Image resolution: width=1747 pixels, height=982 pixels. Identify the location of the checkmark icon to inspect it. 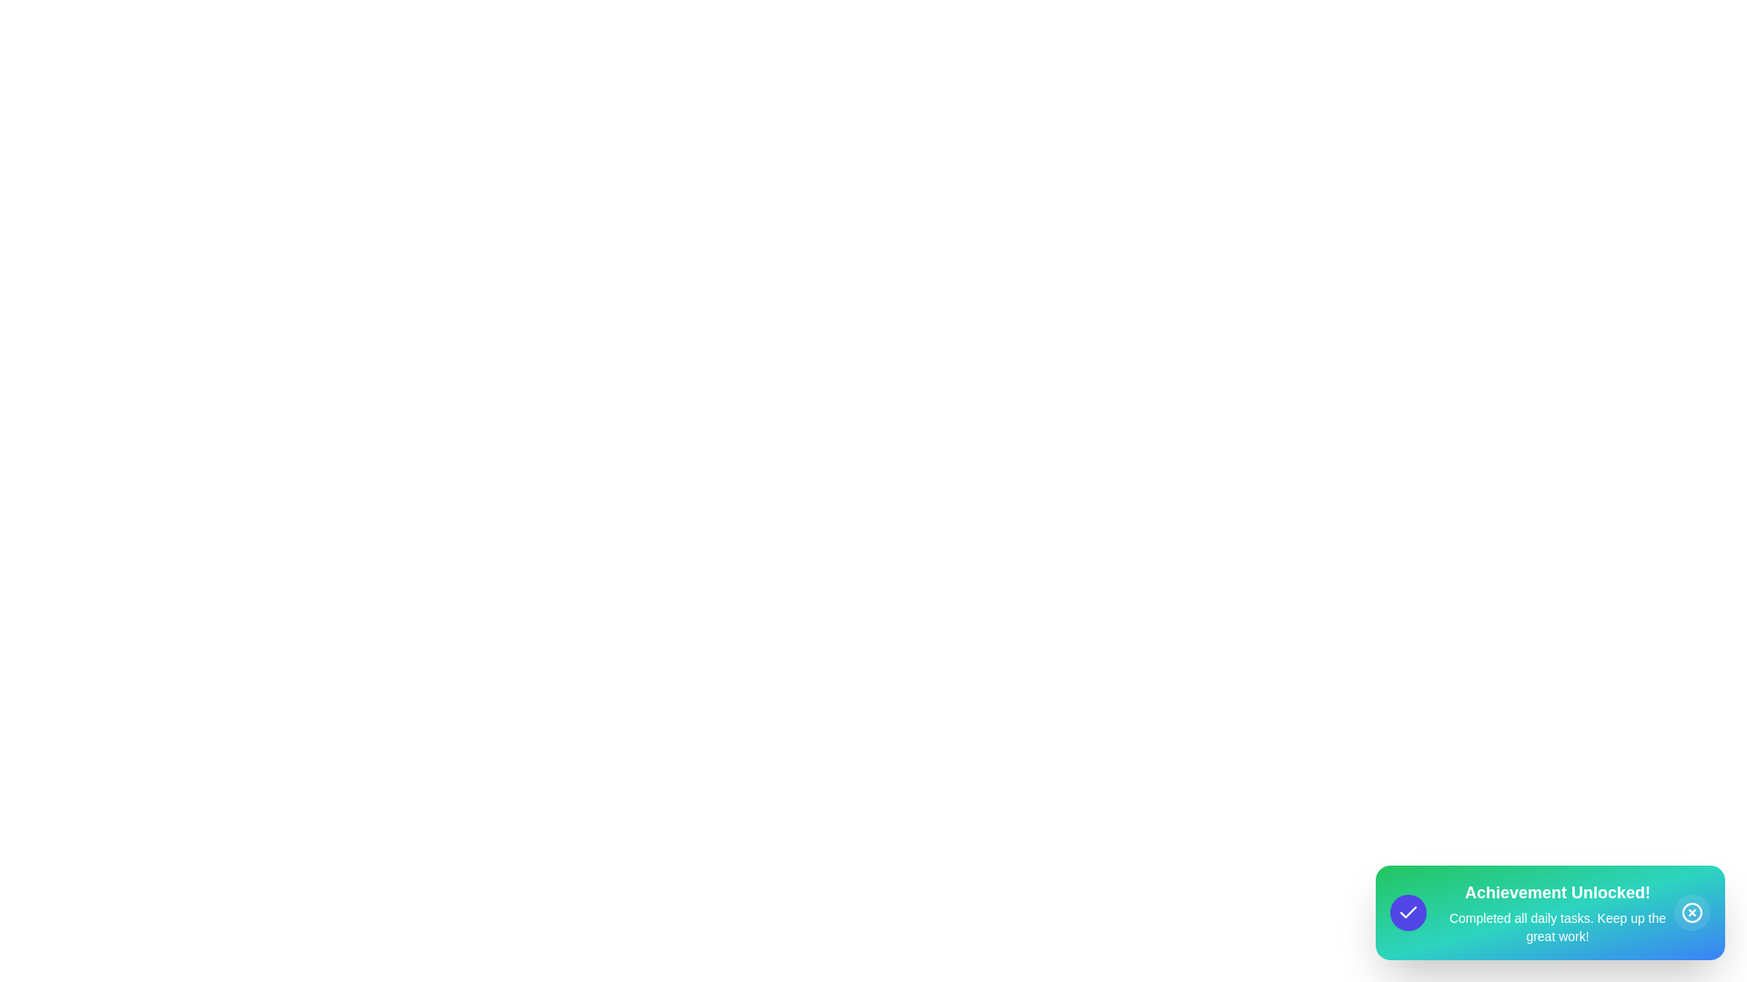
(1408, 912).